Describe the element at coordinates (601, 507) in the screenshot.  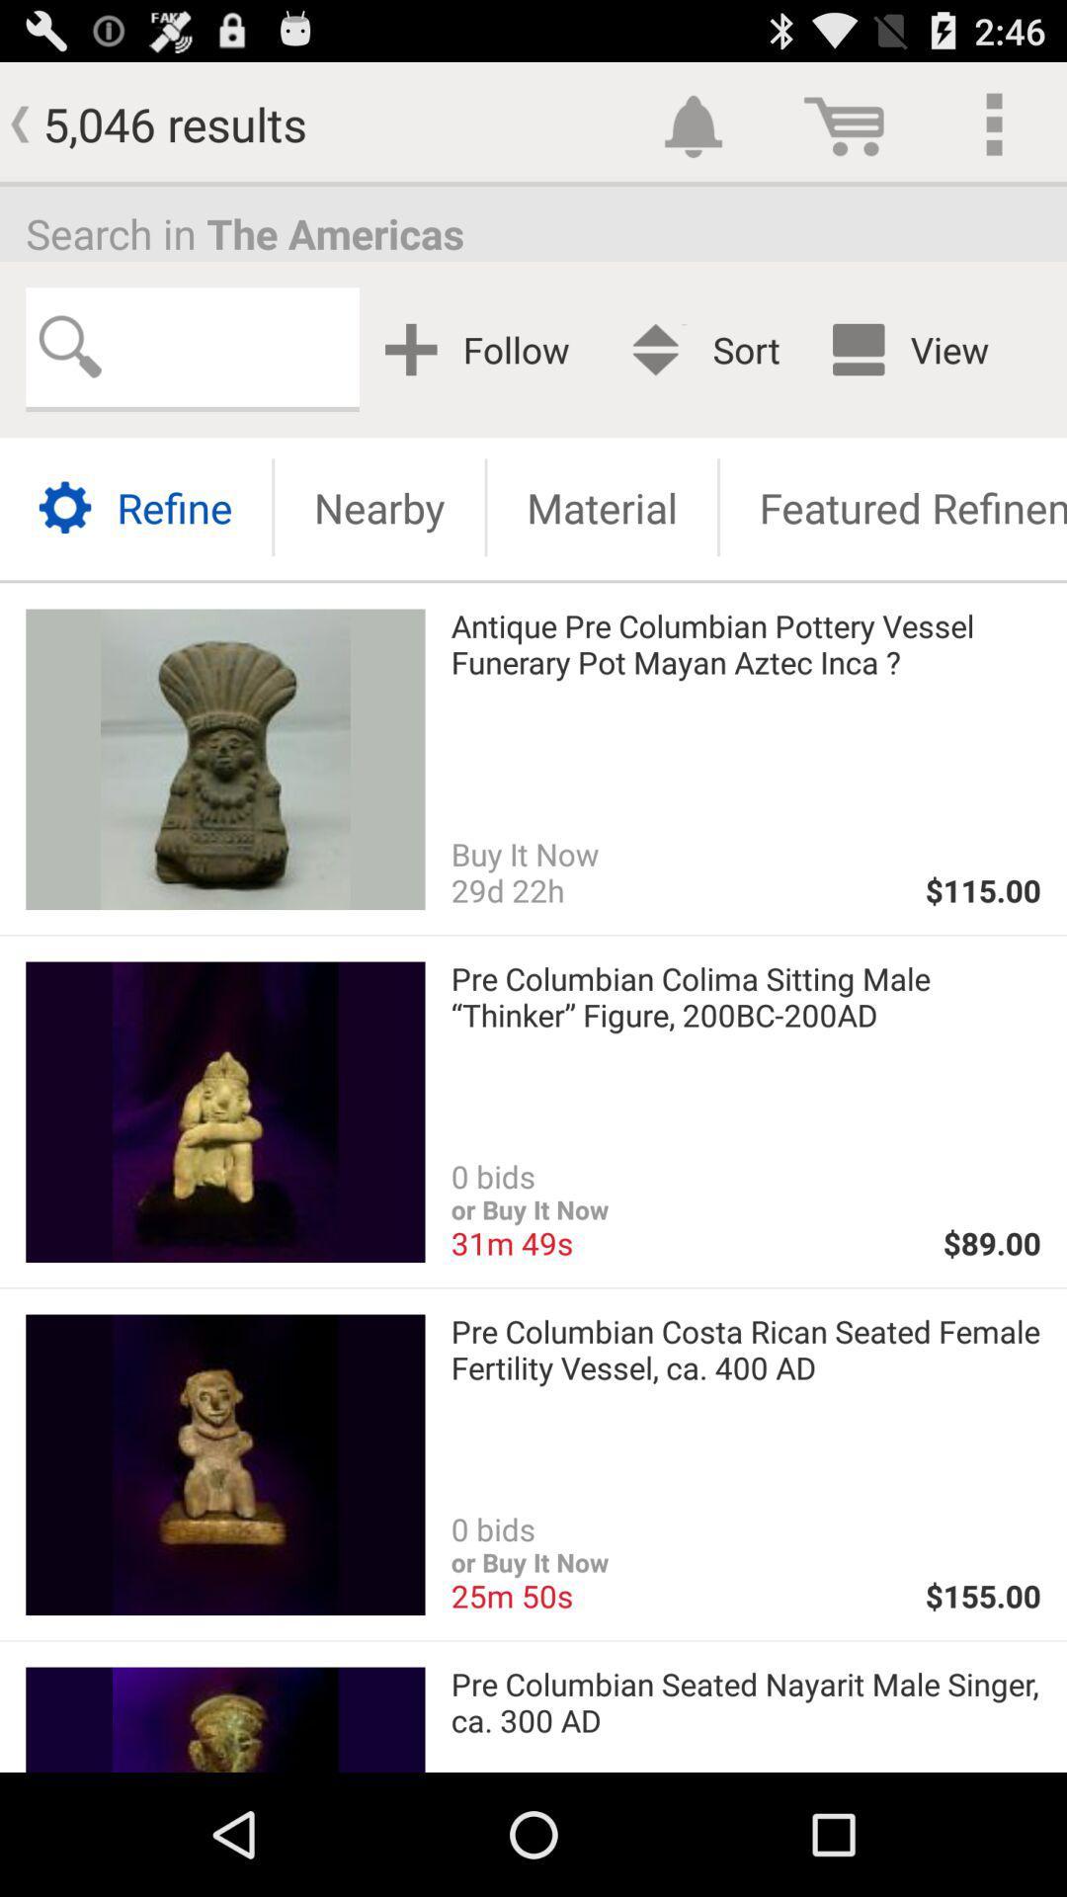
I see `material button` at that location.